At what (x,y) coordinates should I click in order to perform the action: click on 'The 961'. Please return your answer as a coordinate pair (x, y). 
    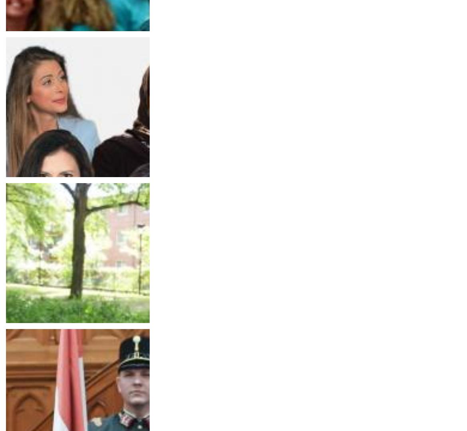
    Looking at the image, I should click on (22, 338).